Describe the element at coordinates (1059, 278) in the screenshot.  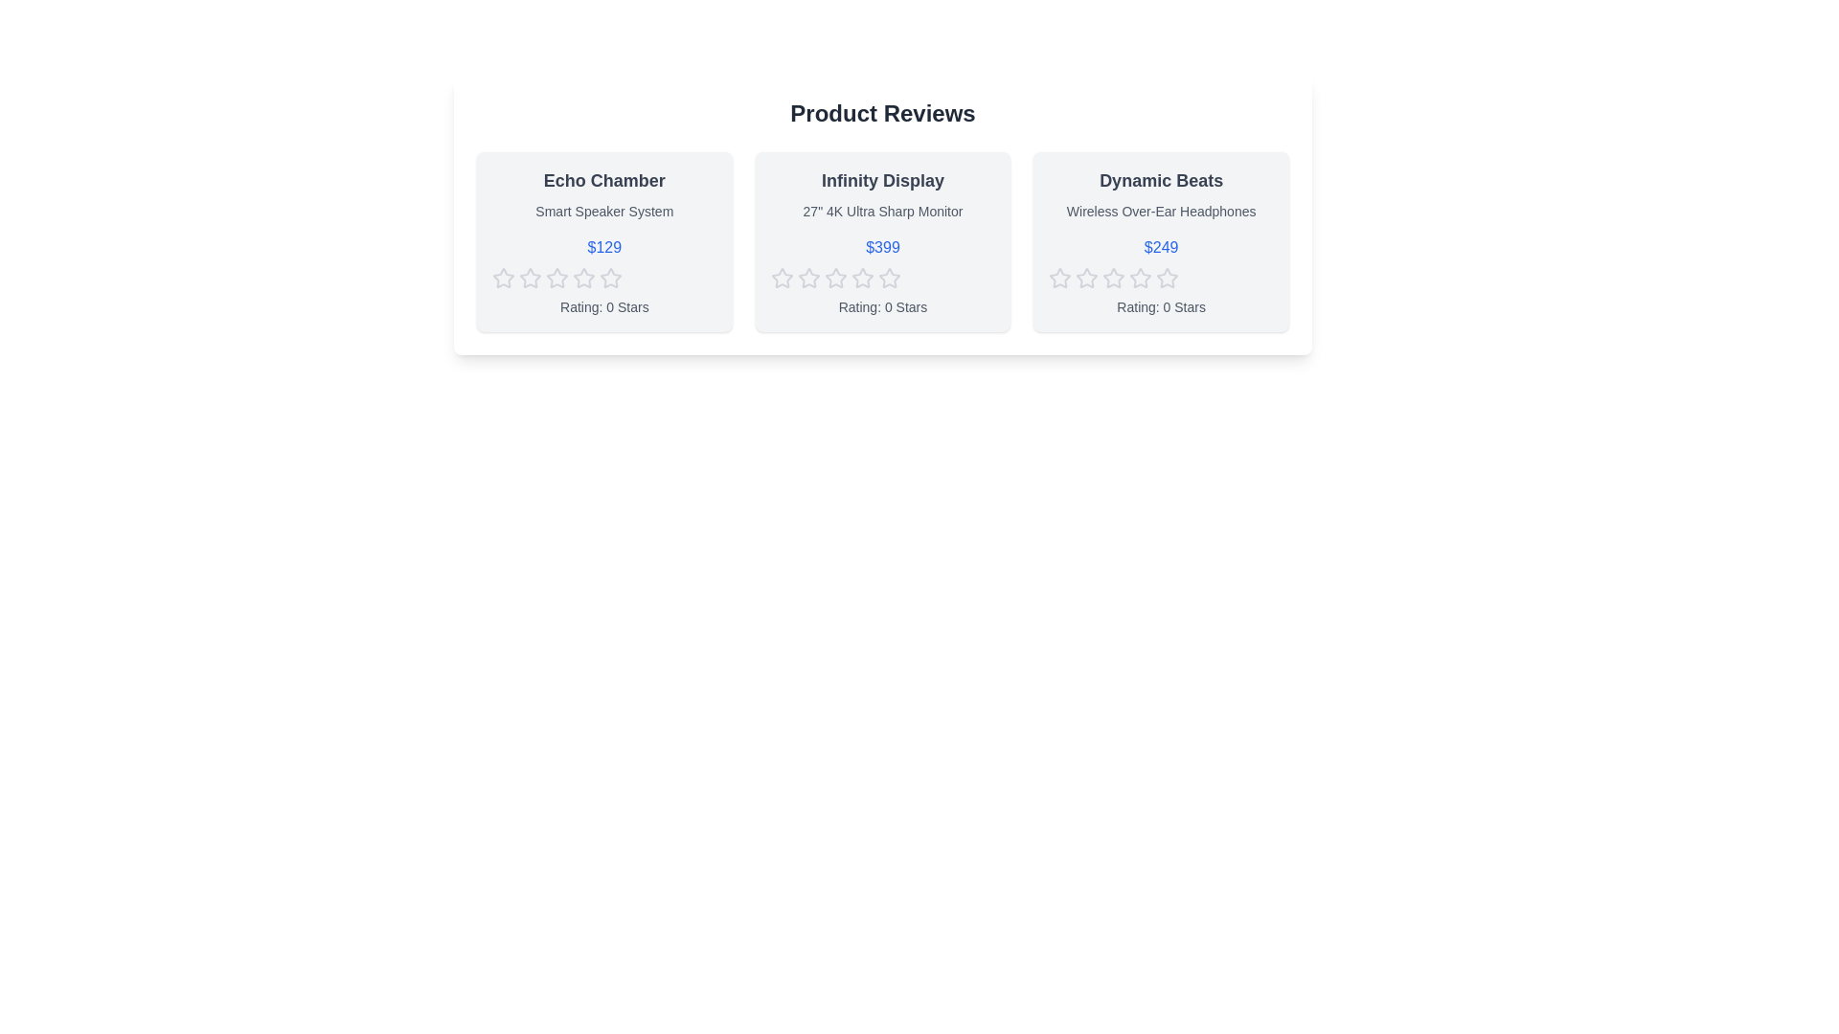
I see `the first rating star icon under the 'Dynamic Beats' section in the rightmost card of the product review cards to initiate a tooltip or visual feedback` at that location.